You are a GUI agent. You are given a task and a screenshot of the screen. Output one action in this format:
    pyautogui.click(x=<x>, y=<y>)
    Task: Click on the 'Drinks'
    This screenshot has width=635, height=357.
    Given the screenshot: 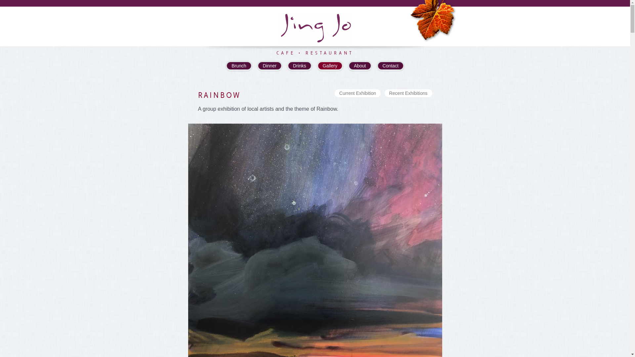 What is the action you would take?
    pyautogui.click(x=299, y=66)
    